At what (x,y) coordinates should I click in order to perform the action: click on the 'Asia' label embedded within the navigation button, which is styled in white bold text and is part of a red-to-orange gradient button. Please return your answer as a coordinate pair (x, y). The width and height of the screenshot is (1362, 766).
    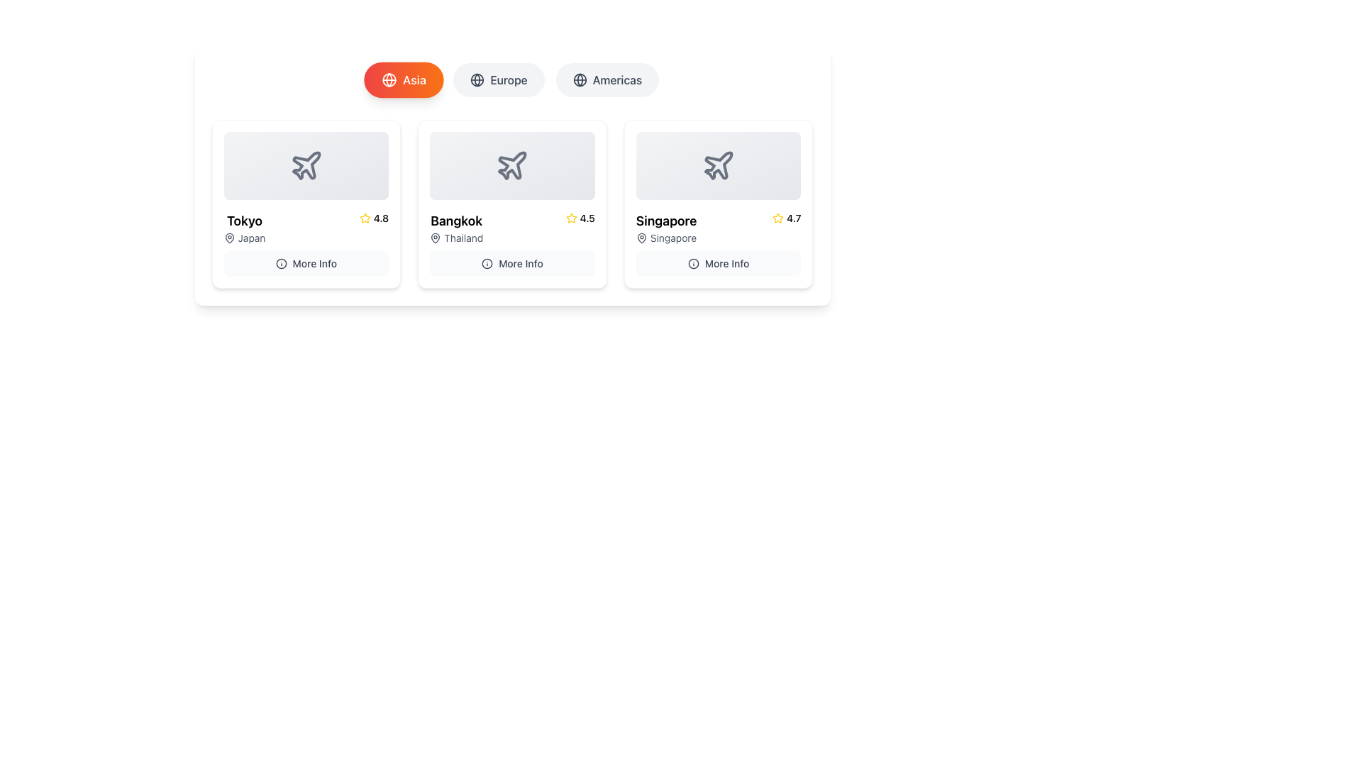
    Looking at the image, I should click on (414, 79).